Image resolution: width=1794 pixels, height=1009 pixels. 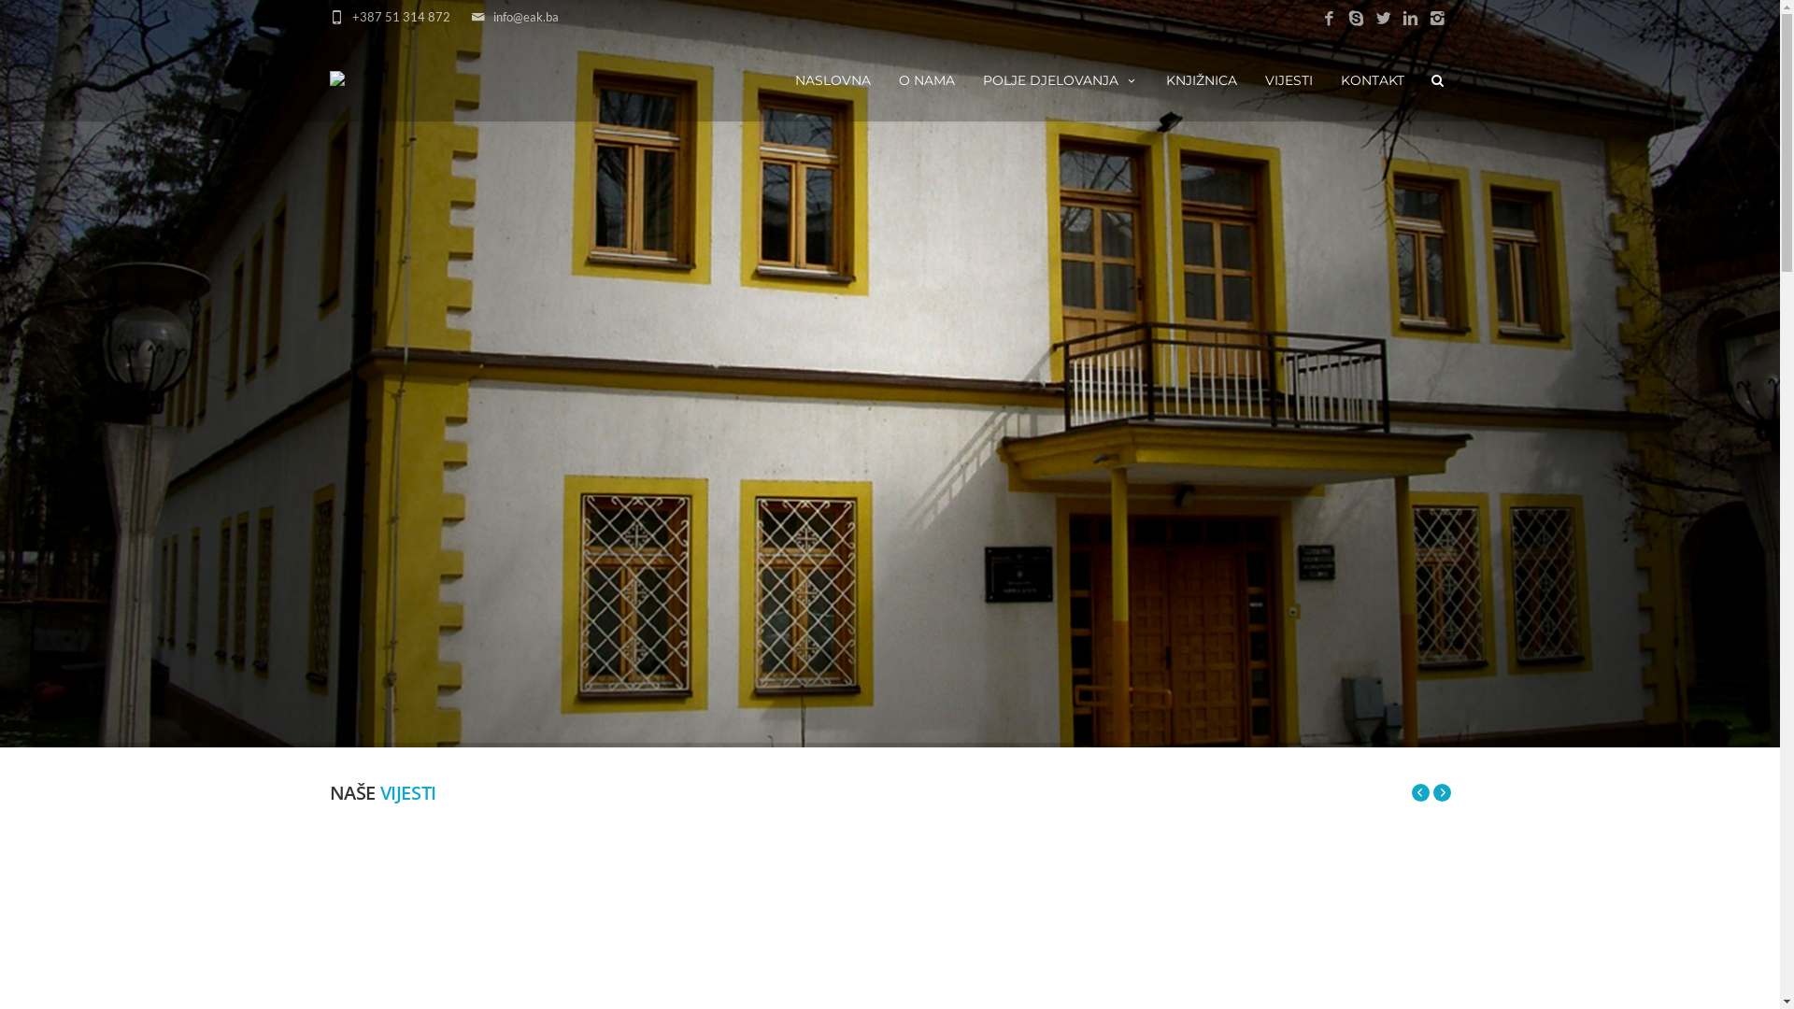 What do you see at coordinates (968, 78) in the screenshot?
I see `'POLJE DJELOVANJA'` at bounding box center [968, 78].